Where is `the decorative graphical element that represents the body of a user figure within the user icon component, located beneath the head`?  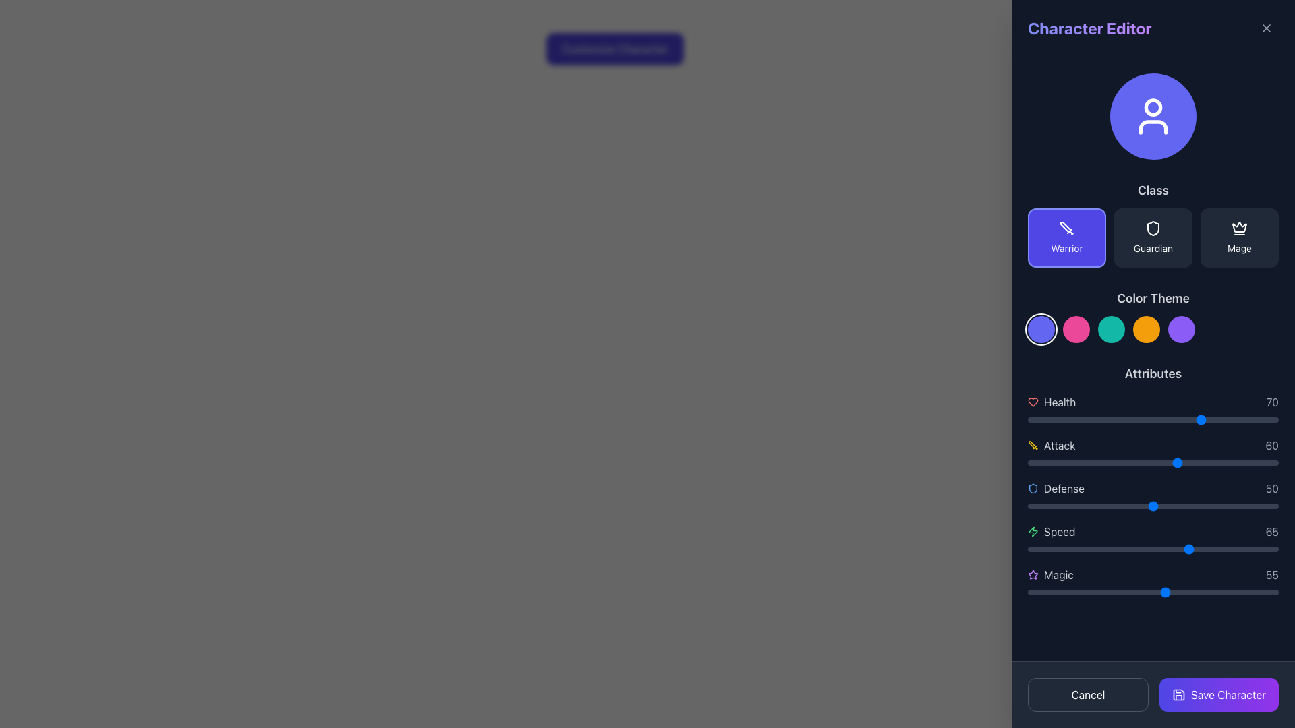
the decorative graphical element that represents the body of a user figure within the user icon component, located beneath the head is located at coordinates (1152, 127).